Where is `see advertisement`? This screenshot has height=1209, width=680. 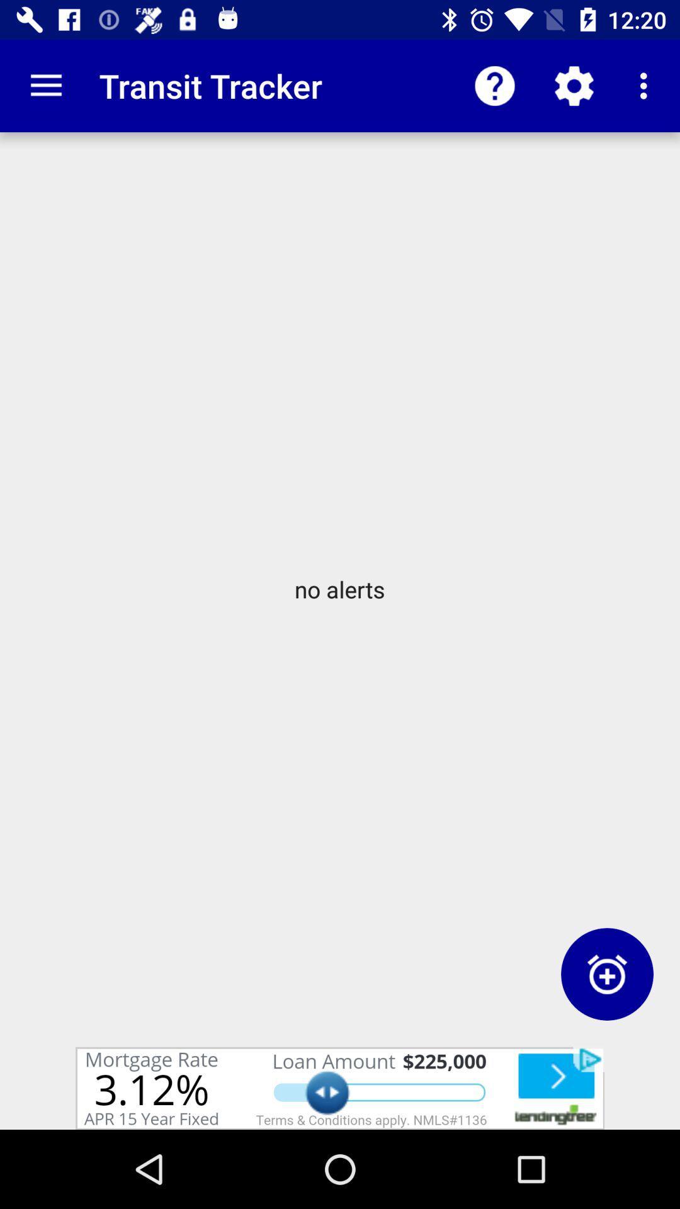
see advertisement is located at coordinates (340, 1087).